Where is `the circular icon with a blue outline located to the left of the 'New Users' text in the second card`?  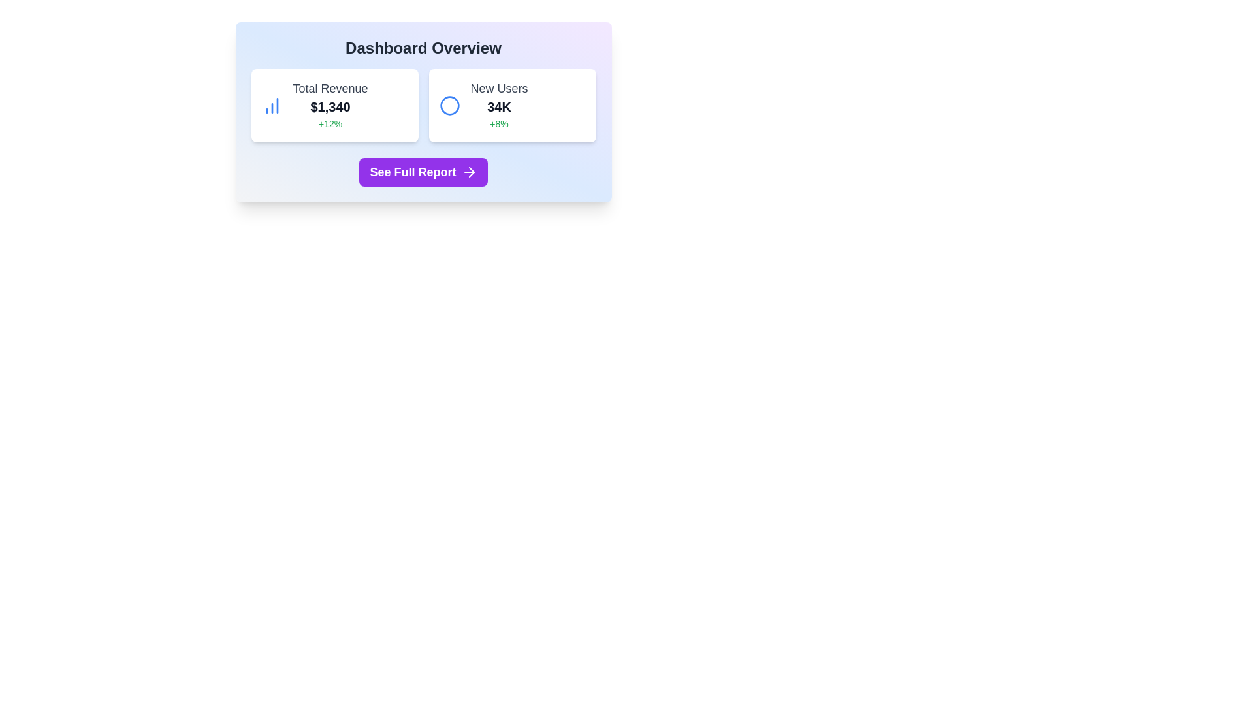 the circular icon with a blue outline located to the left of the 'New Users' text in the second card is located at coordinates (449, 105).